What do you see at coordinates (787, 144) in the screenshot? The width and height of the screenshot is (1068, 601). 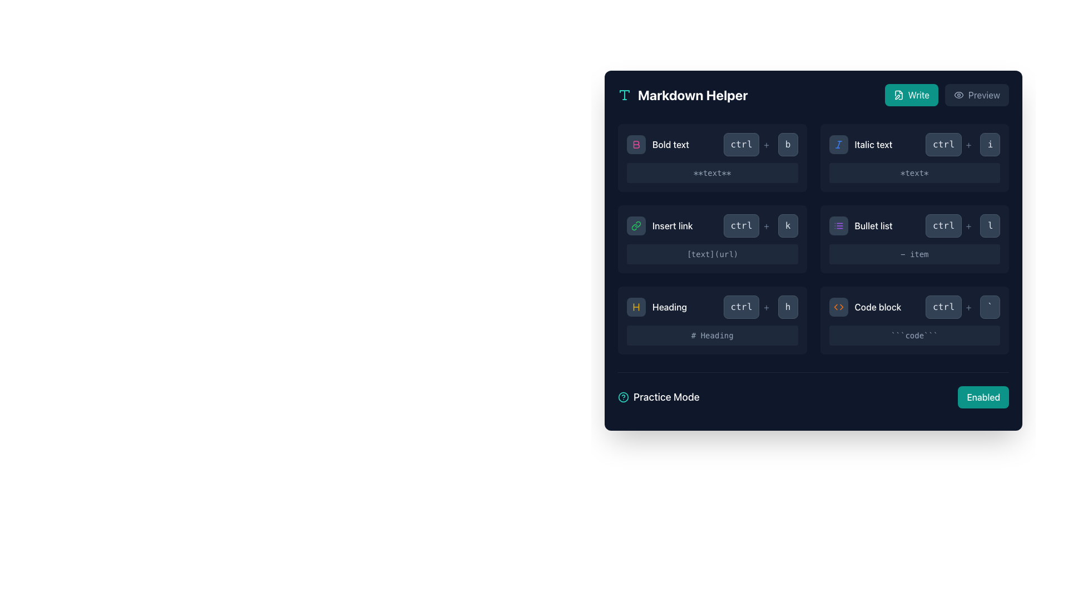 I see `the rounded rectangular button displaying the character 'b' with a dark slate background, located in the upper-left section of the Markdown helper shortcuts grid` at bounding box center [787, 144].